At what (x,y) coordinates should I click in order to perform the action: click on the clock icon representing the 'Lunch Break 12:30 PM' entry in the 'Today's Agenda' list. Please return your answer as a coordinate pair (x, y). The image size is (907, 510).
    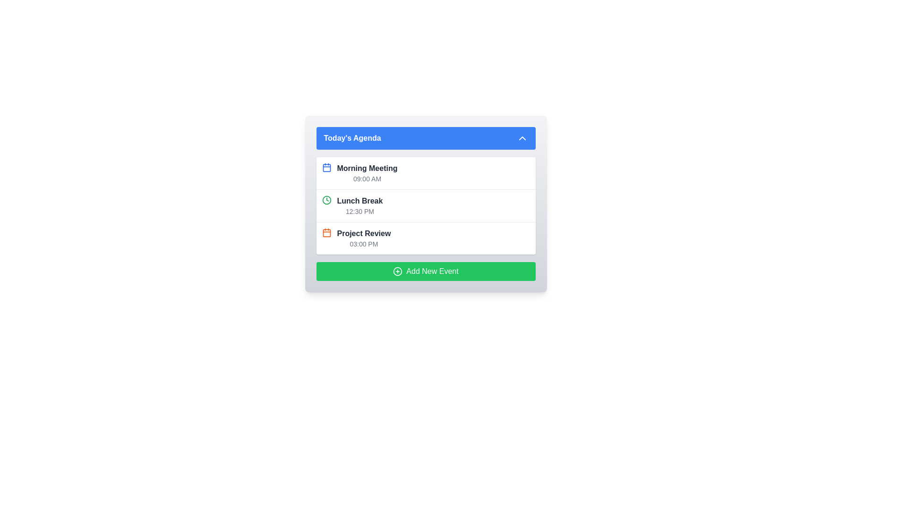
    Looking at the image, I should click on (326, 205).